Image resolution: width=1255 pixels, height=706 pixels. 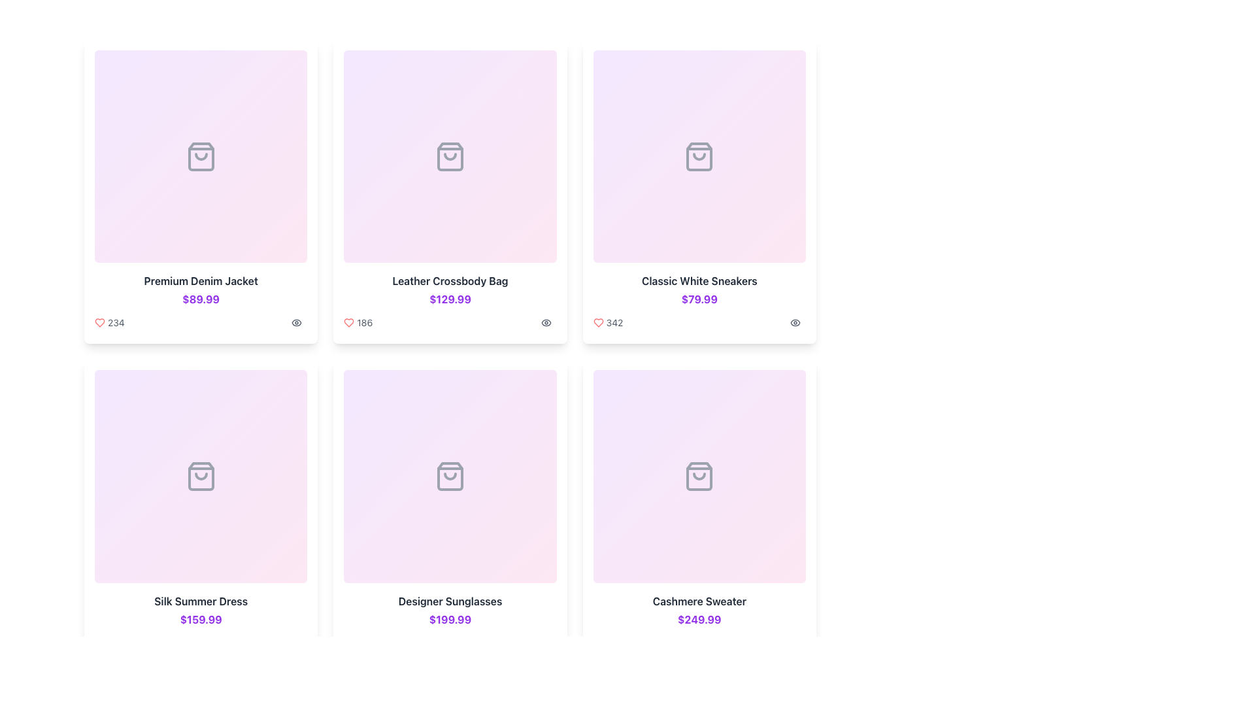 I want to click on the simplified shopping bag icon located at the bottom-right of the 'Cashmere Sweater' product card, so click(x=699, y=477).